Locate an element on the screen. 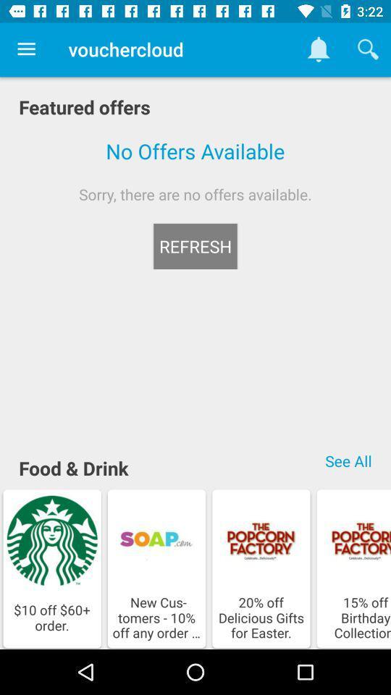 This screenshot has width=391, height=695. icon above featured offers item is located at coordinates (26, 49).